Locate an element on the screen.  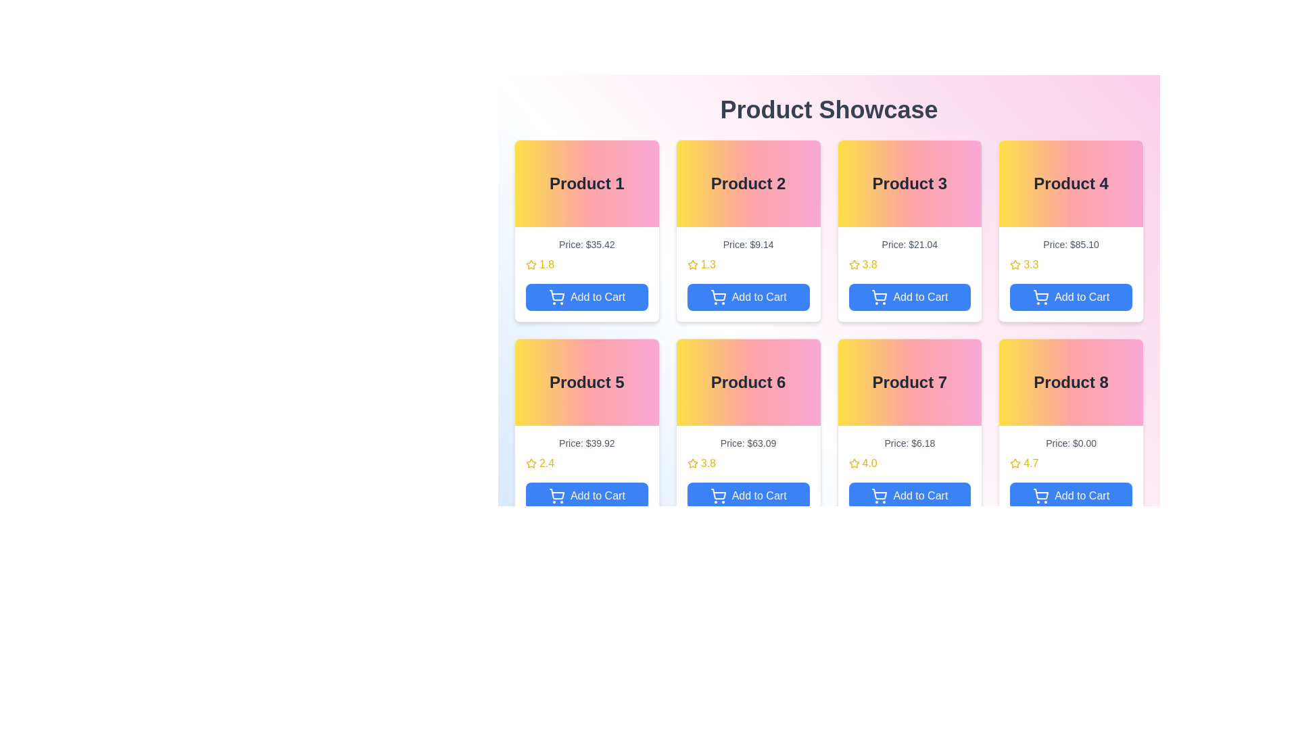
the shopping cart icon within the blue 'Add to Cart' button associated with 'Product 8' in the product showcase grid is located at coordinates (1040, 495).